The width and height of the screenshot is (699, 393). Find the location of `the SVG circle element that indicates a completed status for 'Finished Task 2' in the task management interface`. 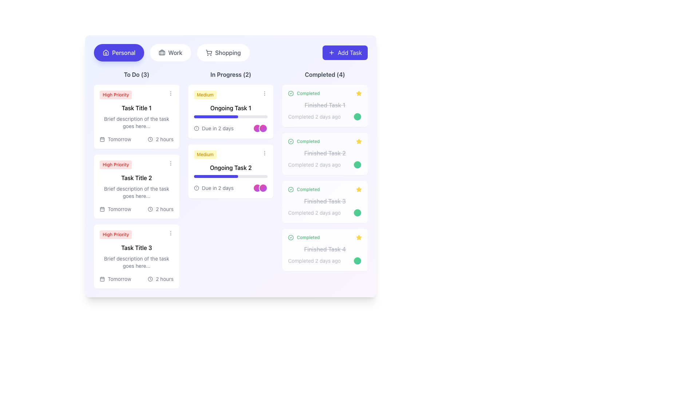

the SVG circle element that indicates a completed status for 'Finished Task 2' in the task management interface is located at coordinates (291, 189).